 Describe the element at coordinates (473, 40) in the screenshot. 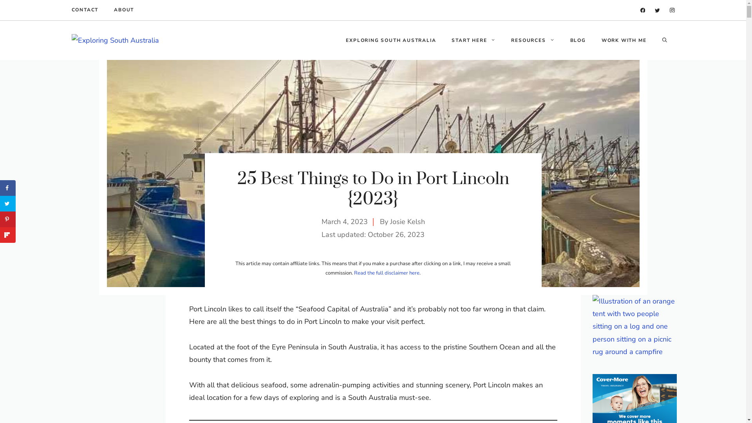

I see `'START HERE'` at that location.